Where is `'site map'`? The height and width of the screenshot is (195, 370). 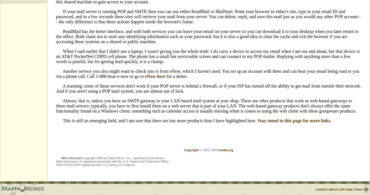 'site map' is located at coordinates (345, 189).